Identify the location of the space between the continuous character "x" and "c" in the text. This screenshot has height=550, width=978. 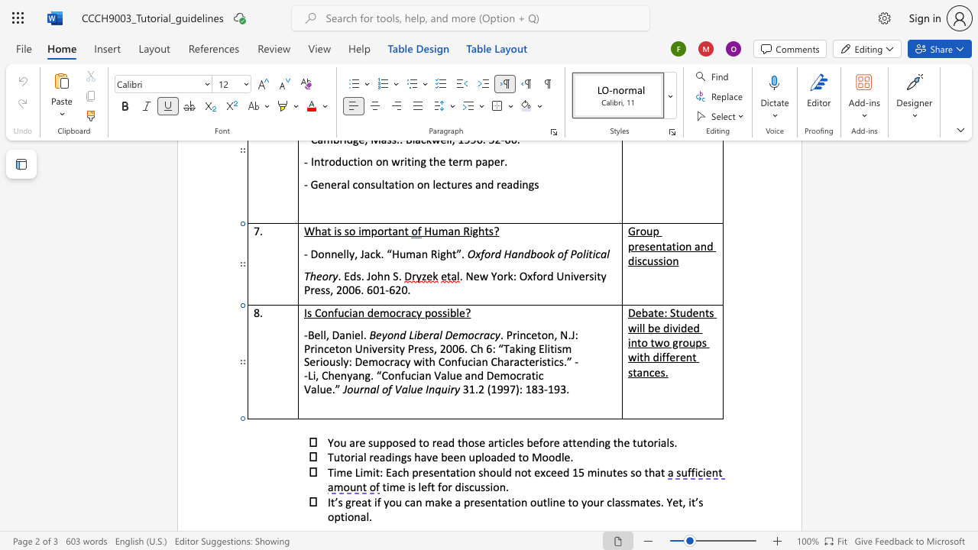
(546, 471).